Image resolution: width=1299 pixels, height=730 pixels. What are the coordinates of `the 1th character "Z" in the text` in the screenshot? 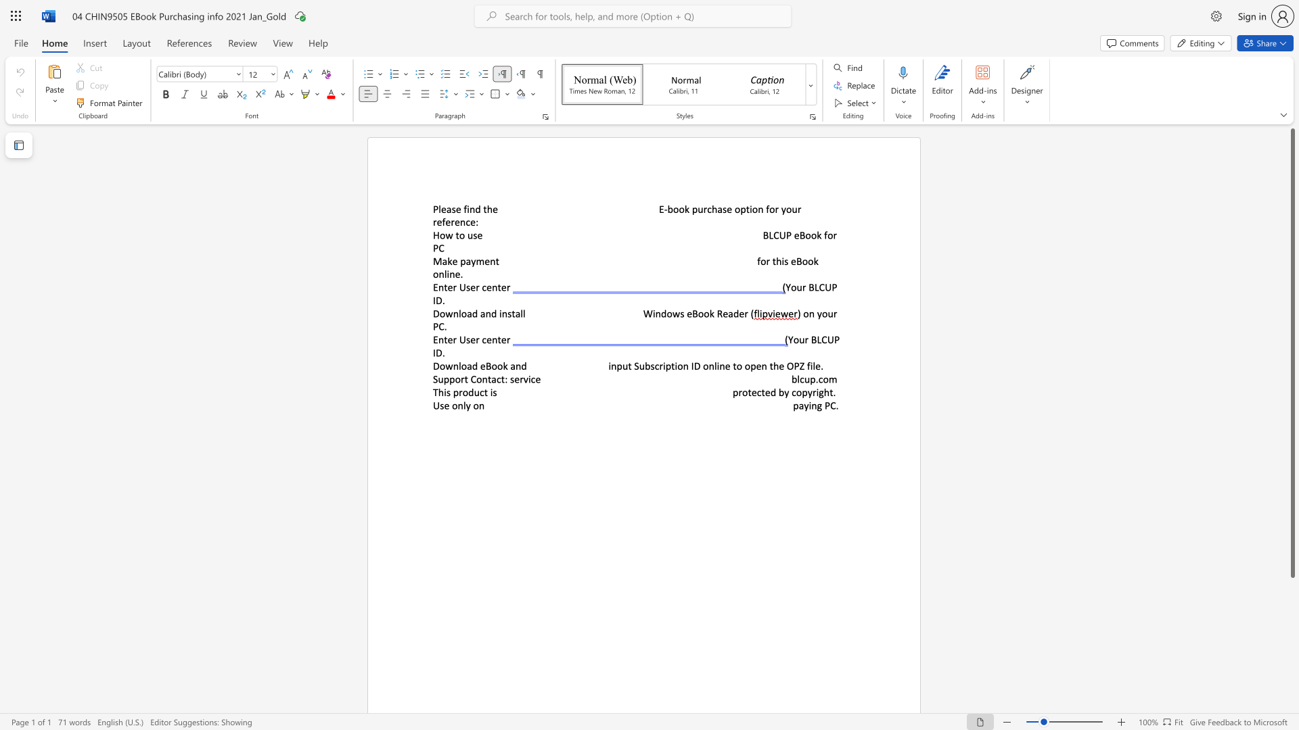 It's located at (802, 366).